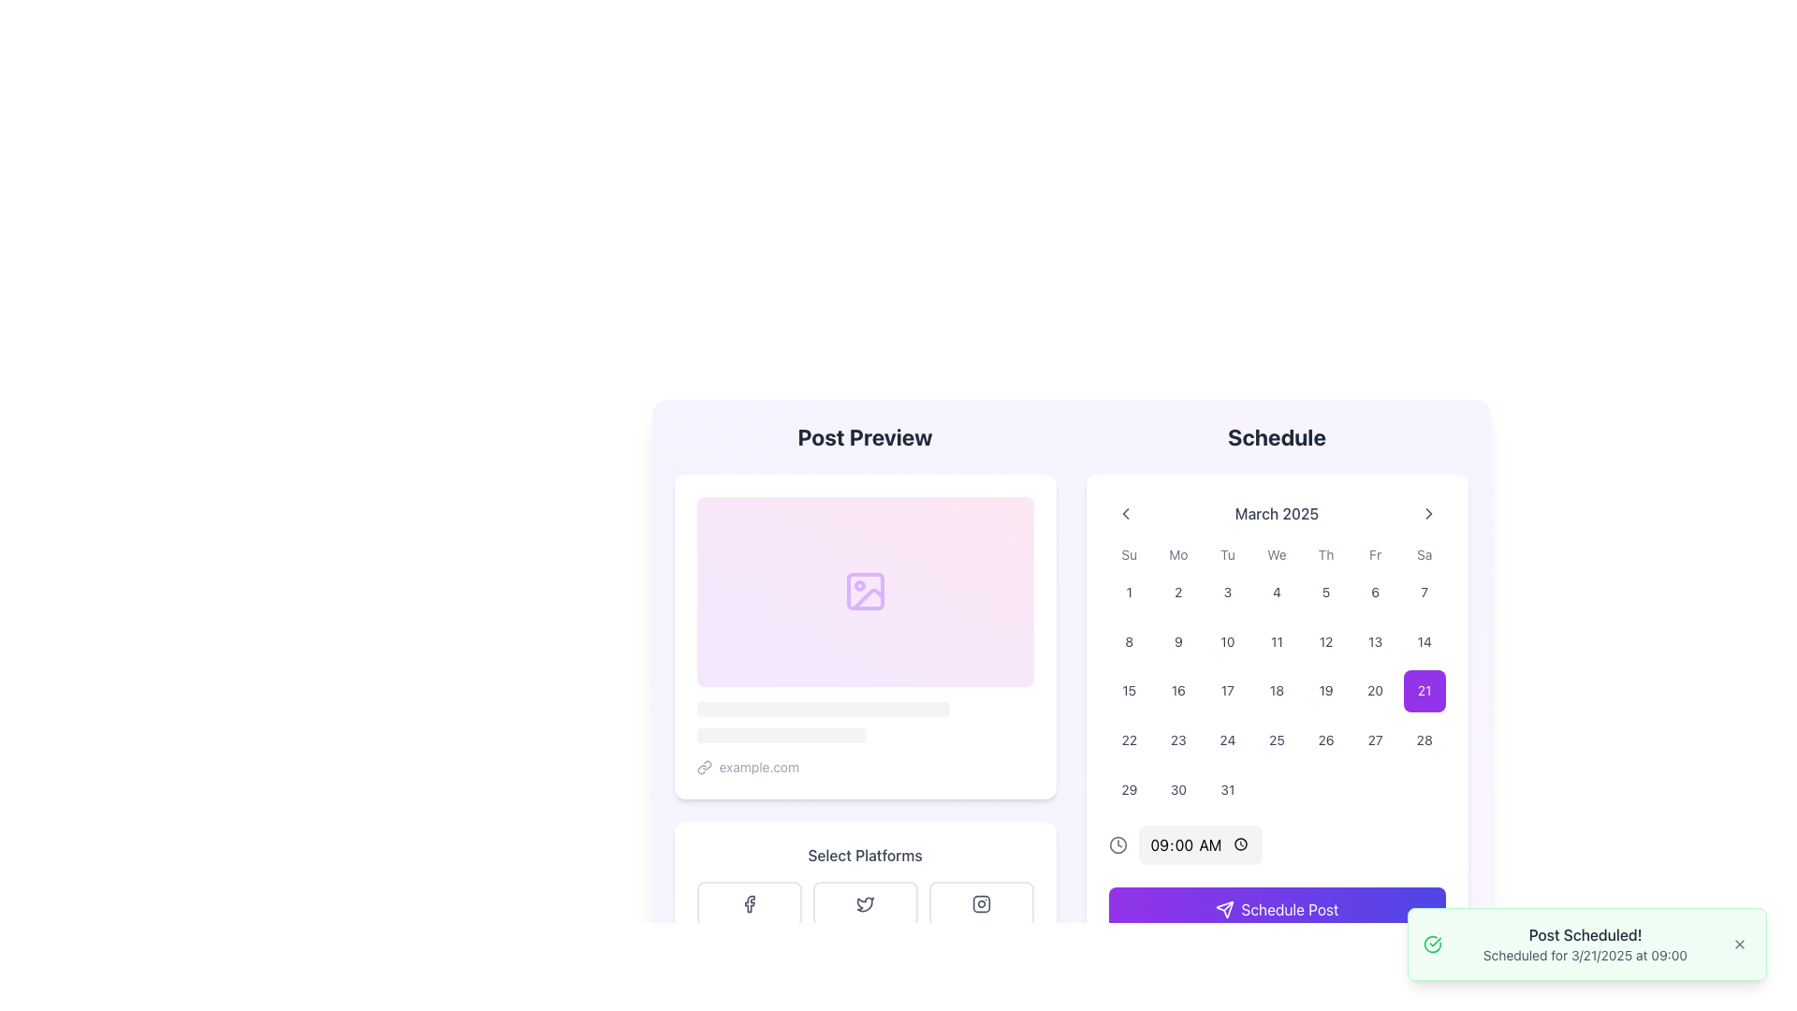  I want to click on the Progress or Status Indicator Bar element, which is a gray bar with rounded corners located below the 'Post Preview' section and beneath a longer bar, so click(781, 734).